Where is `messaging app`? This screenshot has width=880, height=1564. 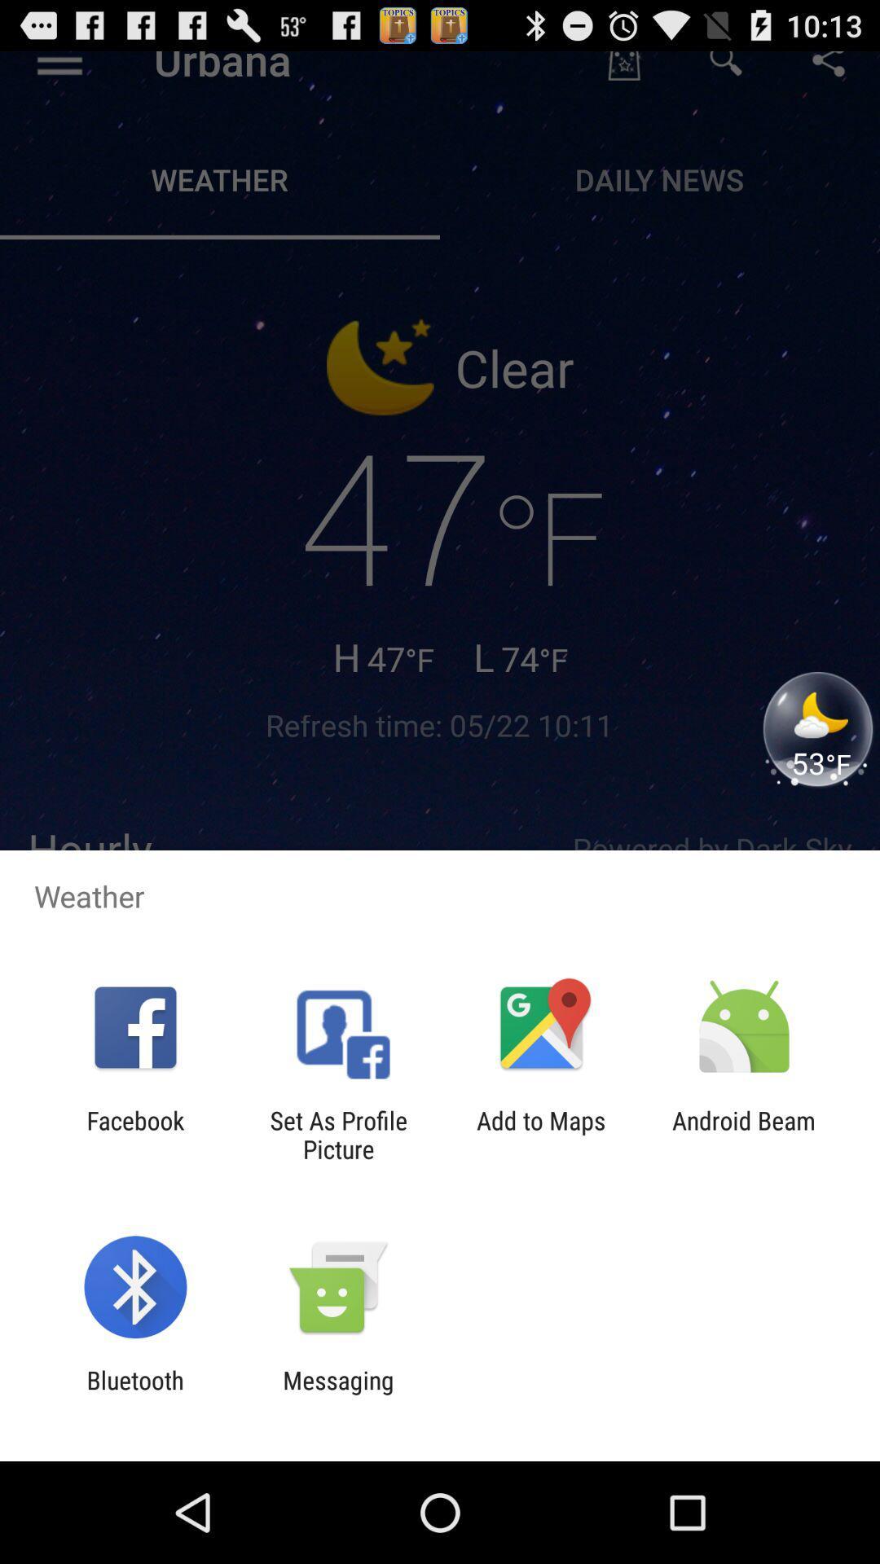
messaging app is located at coordinates (337, 1394).